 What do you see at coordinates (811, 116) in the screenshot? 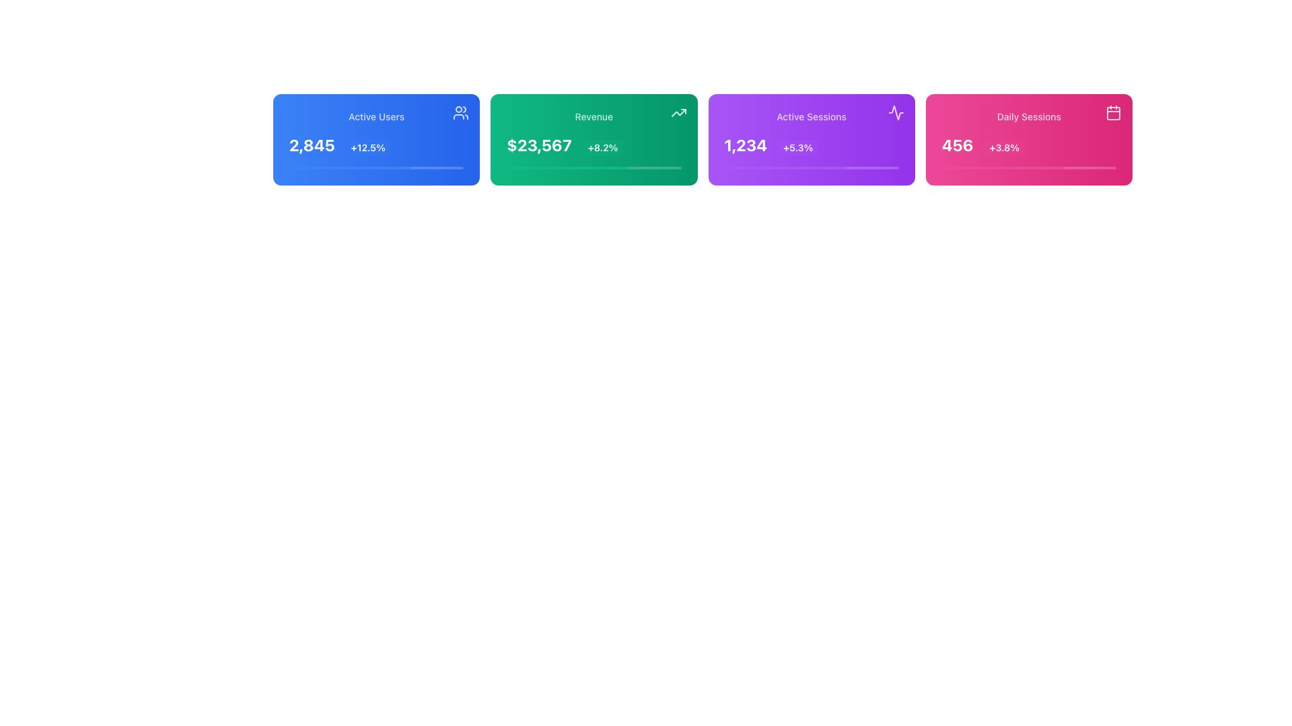
I see `the 'Active Sessions' text label located at the top of the purple card to understand the card context` at bounding box center [811, 116].